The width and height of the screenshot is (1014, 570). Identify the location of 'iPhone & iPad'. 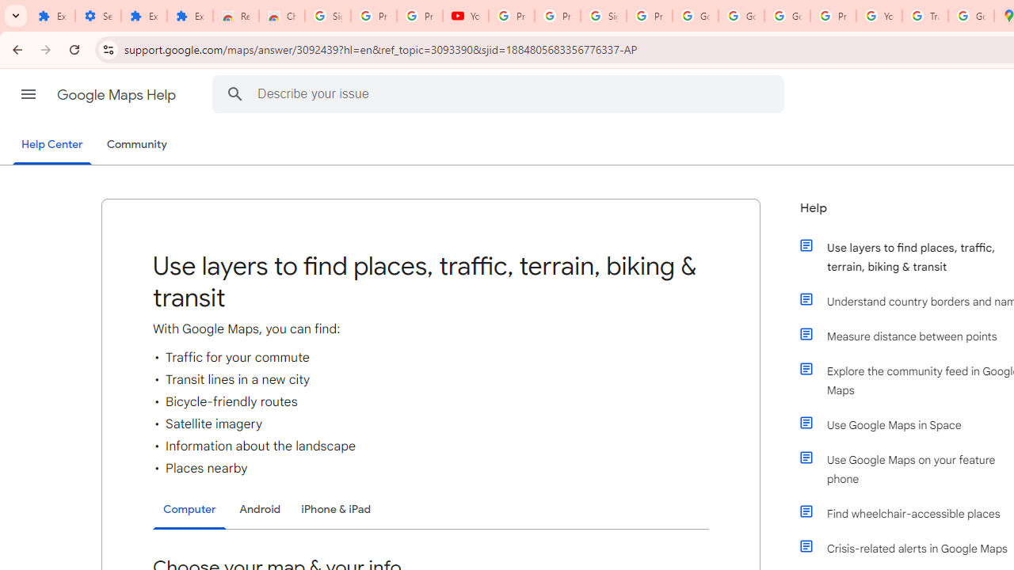
(335, 509).